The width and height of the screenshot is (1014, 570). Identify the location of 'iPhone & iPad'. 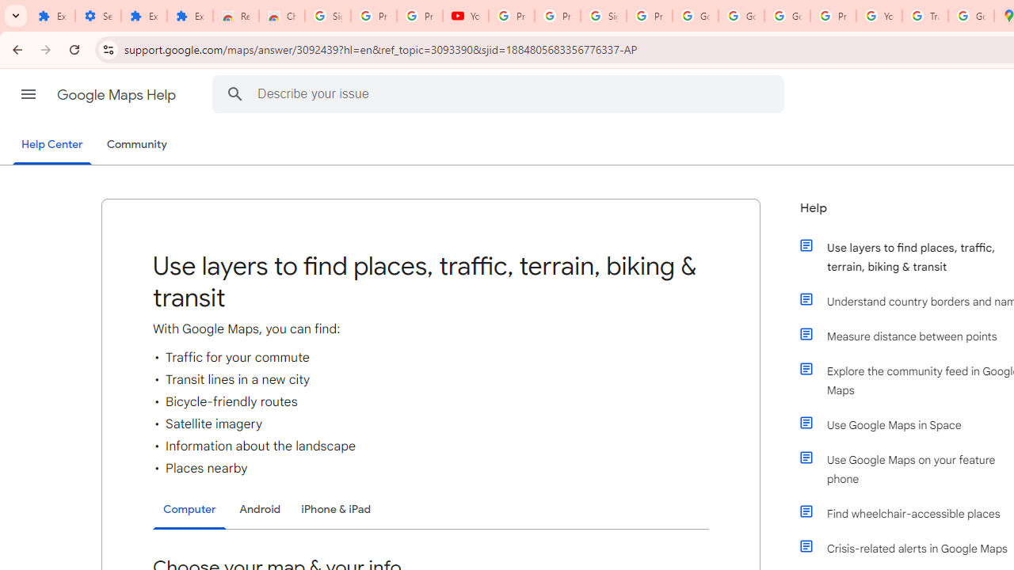
(335, 509).